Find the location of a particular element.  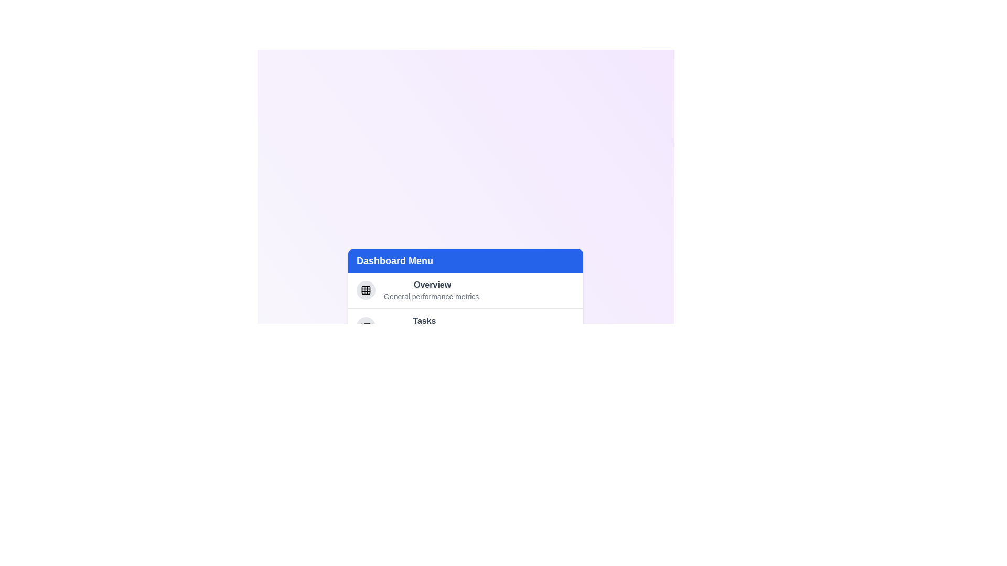

the menu item corresponding to Tasks is located at coordinates (465, 325).